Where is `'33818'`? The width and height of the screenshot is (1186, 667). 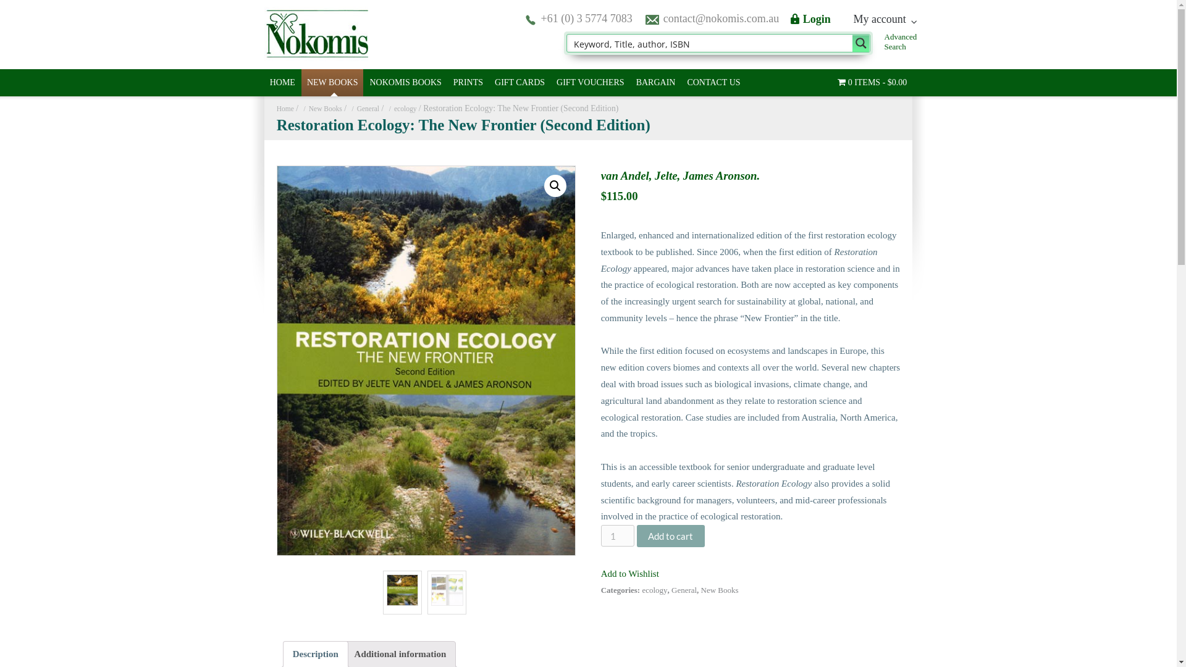 '33818' is located at coordinates (426, 360).